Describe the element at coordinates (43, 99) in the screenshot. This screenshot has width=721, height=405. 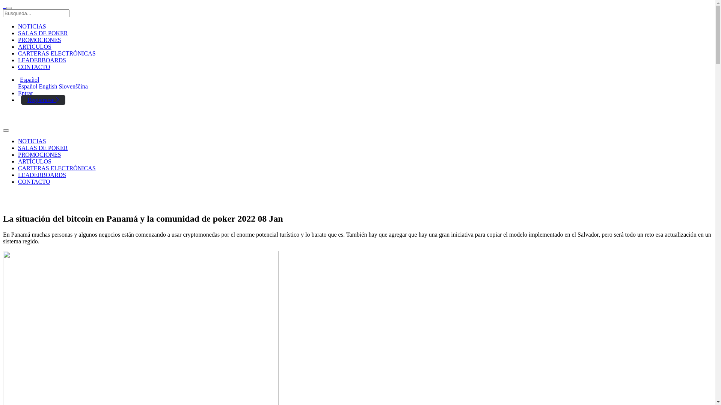
I see `'Registrarse'` at that location.